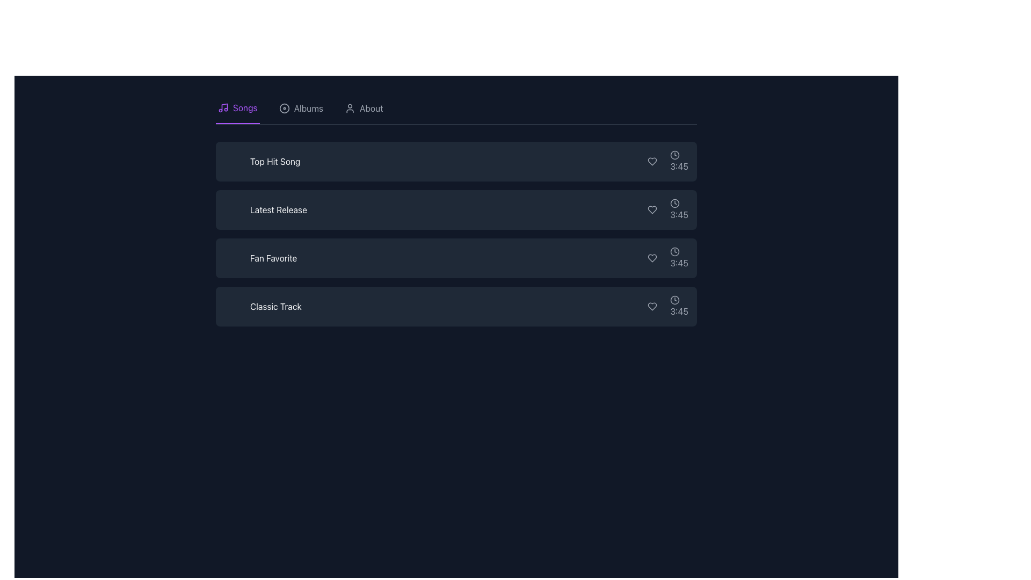  Describe the element at coordinates (364, 108) in the screenshot. I see `the 'About' interactive text next to the user profile icon` at that location.